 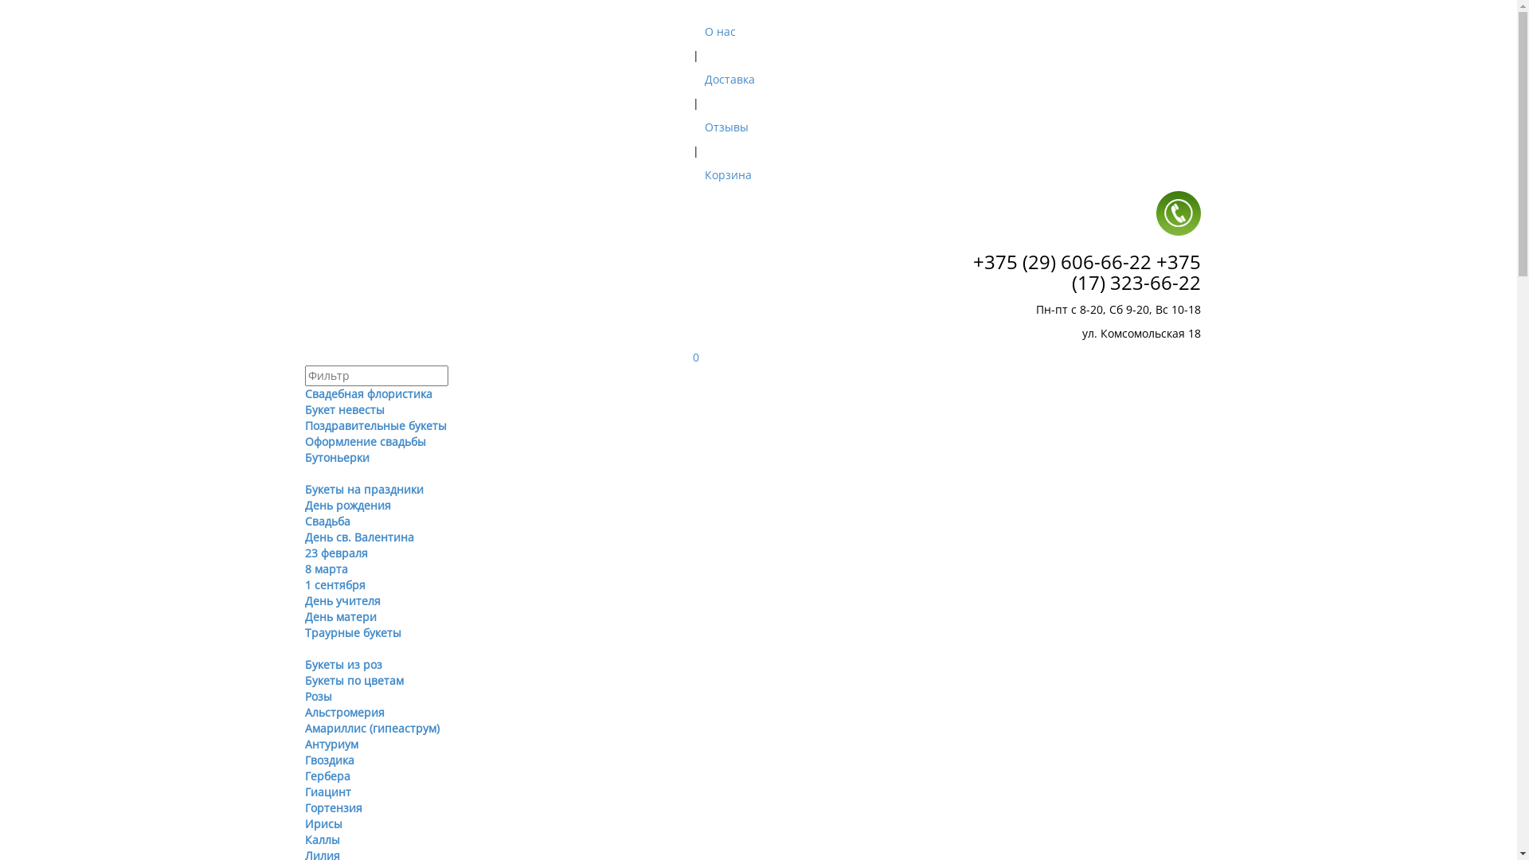 I want to click on '0', so click(x=695, y=356).